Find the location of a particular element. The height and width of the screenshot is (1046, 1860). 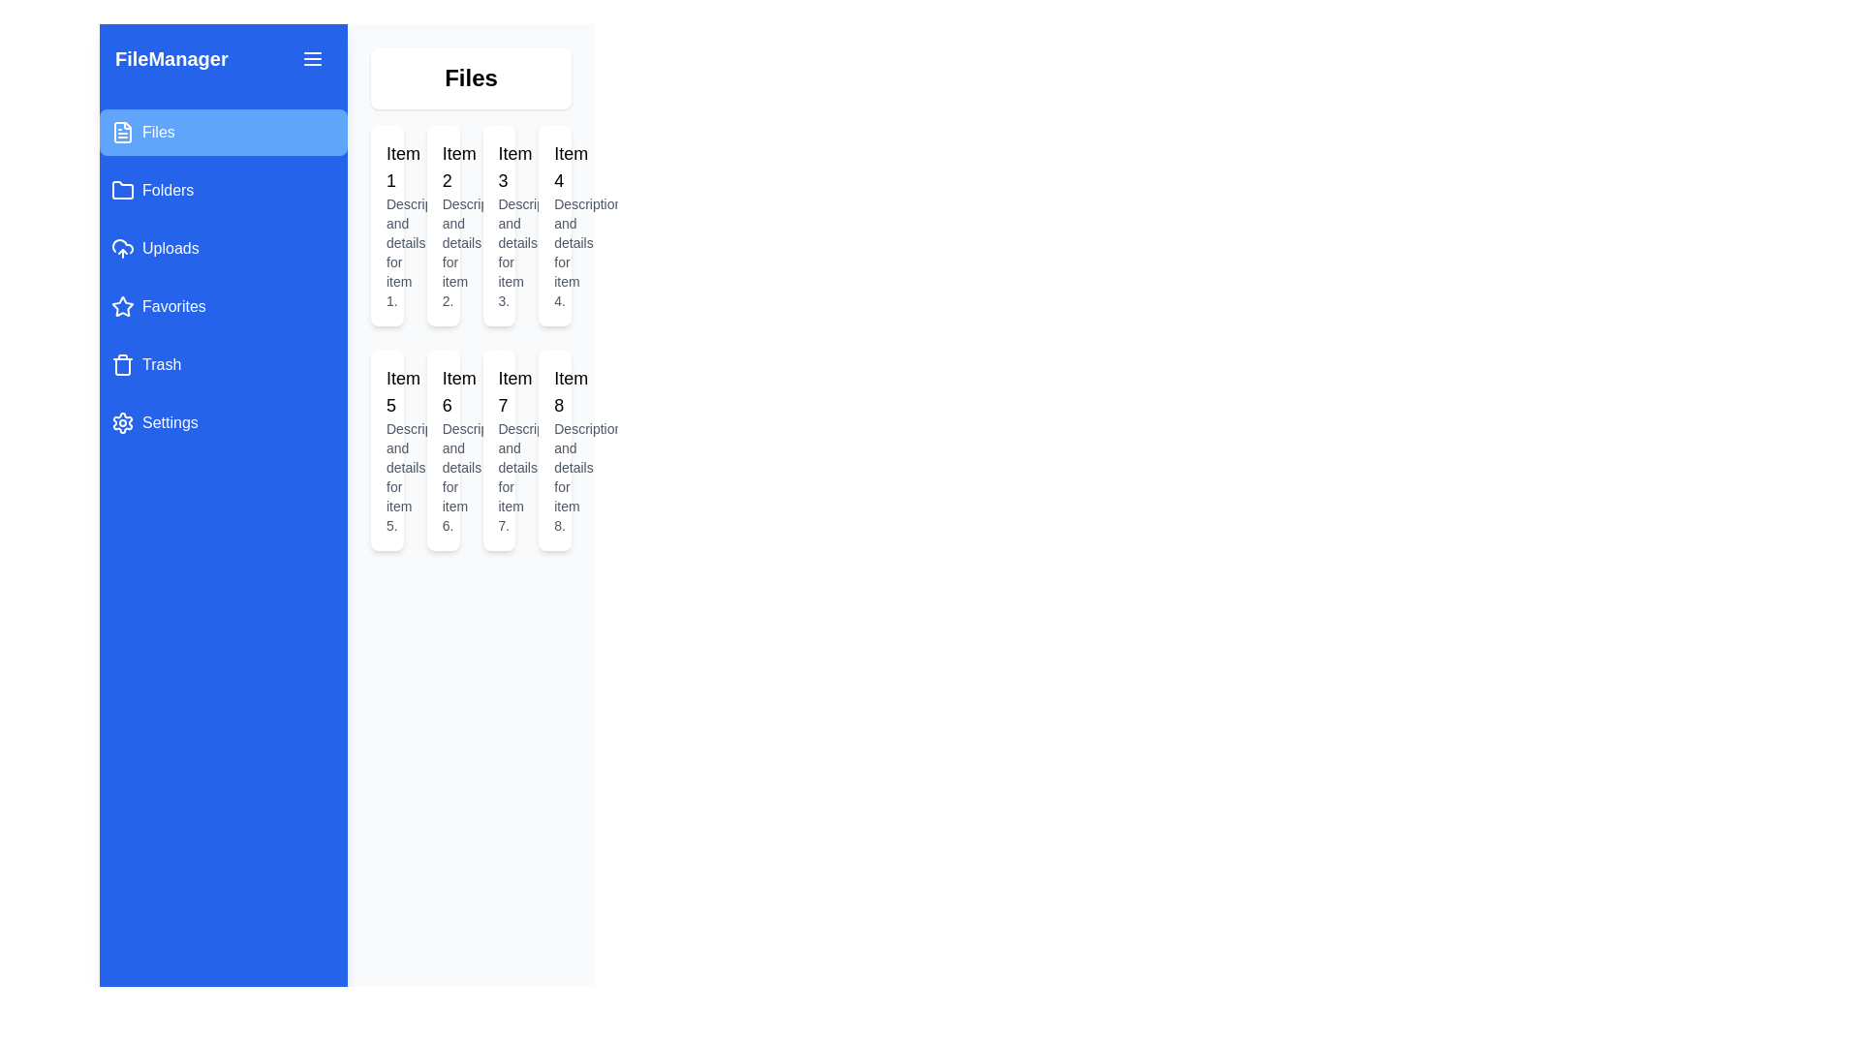

the 'Favorites' text label in the vertical navigation menu is located at coordinates (173, 305).